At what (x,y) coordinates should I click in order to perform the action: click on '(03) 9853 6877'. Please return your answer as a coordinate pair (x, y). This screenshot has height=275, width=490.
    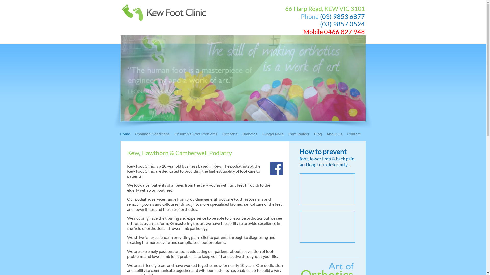
    Looking at the image, I should click on (342, 16).